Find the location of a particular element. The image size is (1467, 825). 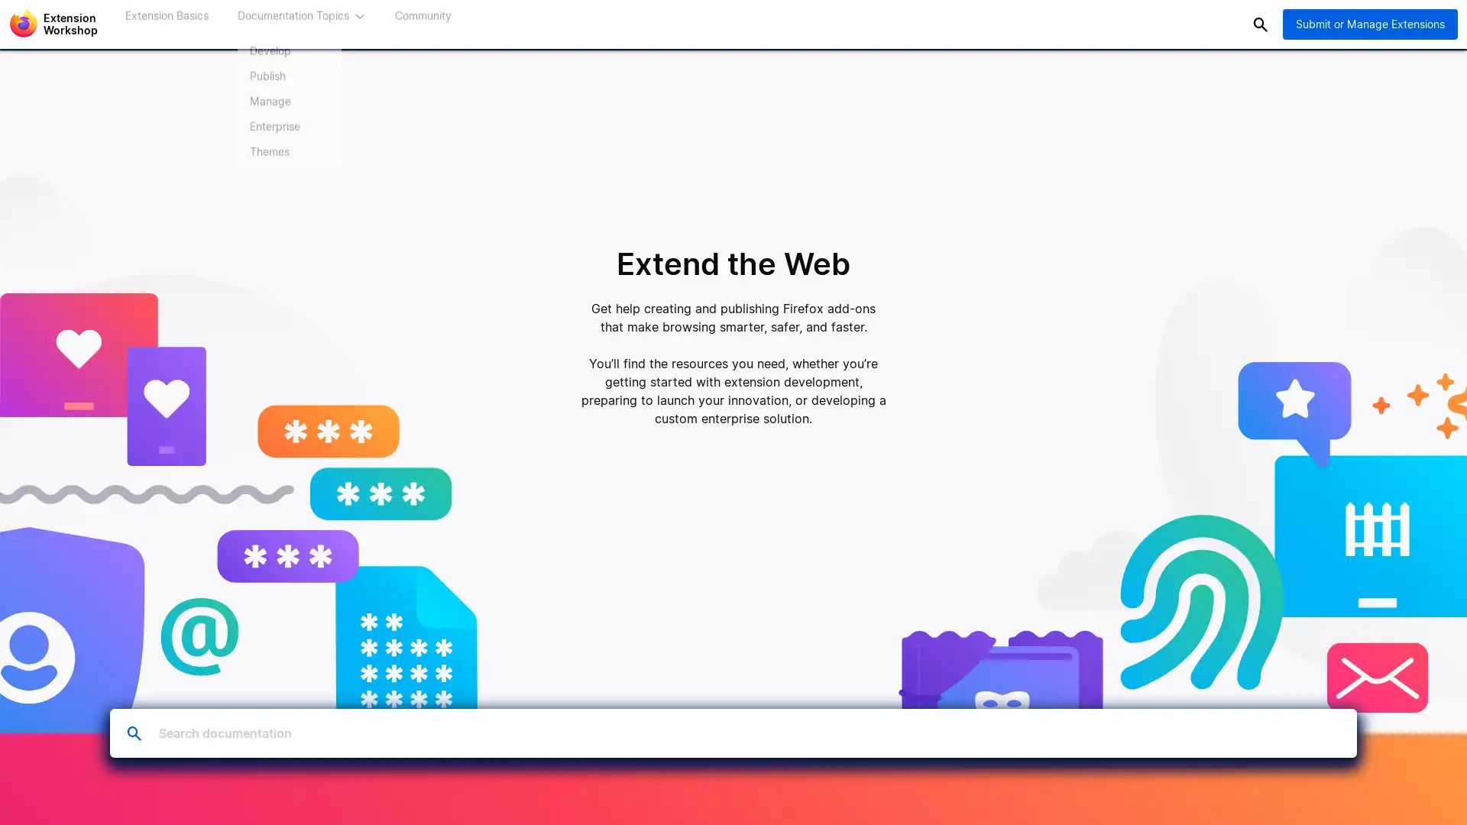

Search is located at coordinates (1260, 24).